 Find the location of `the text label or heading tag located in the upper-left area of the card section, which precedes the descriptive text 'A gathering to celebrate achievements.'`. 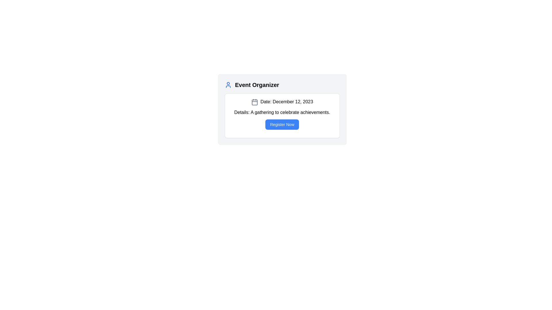

the text label or heading tag located in the upper-left area of the card section, which precedes the descriptive text 'A gathering to celebrate achievements.' is located at coordinates (242, 112).